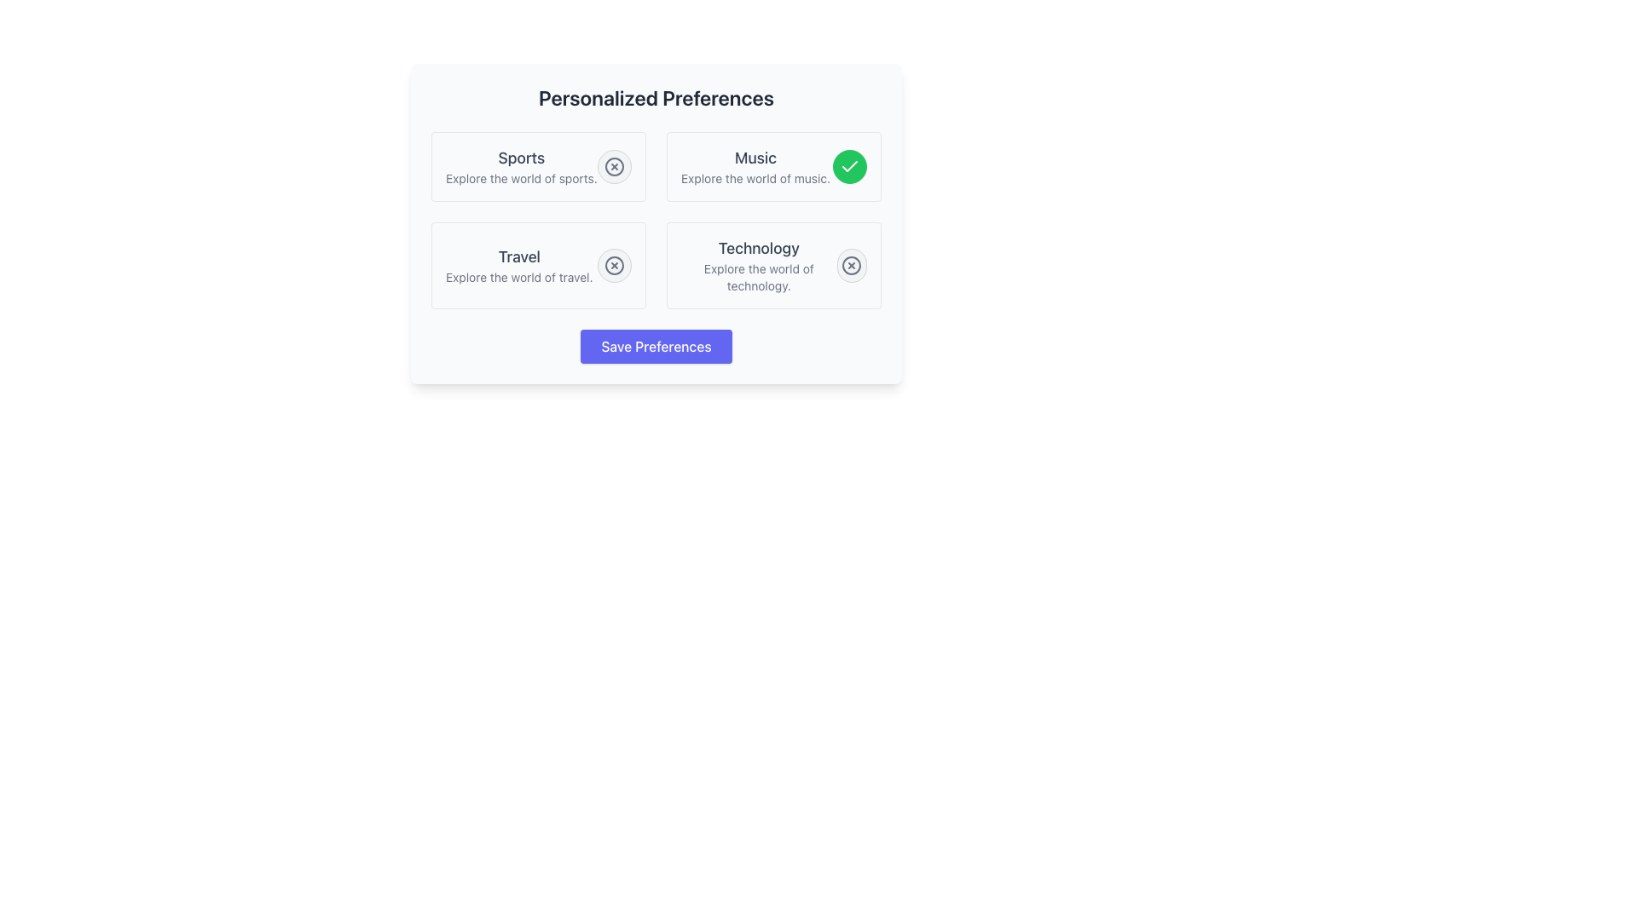 The height and width of the screenshot is (920, 1637). I want to click on the selection state of the small white checkmark icon within the green circular background, indicating the selection for the 'Music' preference option, so click(850, 167).